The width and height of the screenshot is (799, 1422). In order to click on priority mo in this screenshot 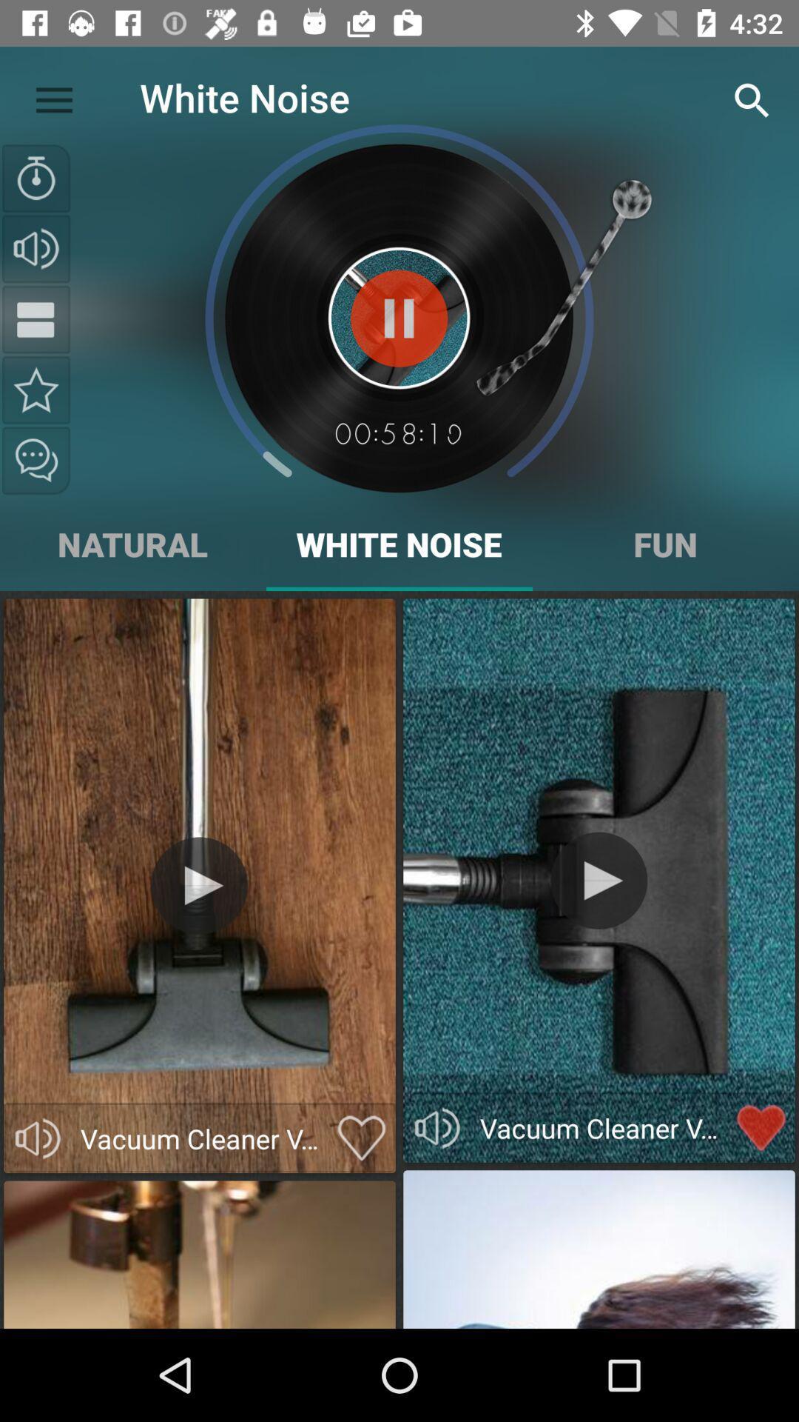, I will do `click(36, 390)`.